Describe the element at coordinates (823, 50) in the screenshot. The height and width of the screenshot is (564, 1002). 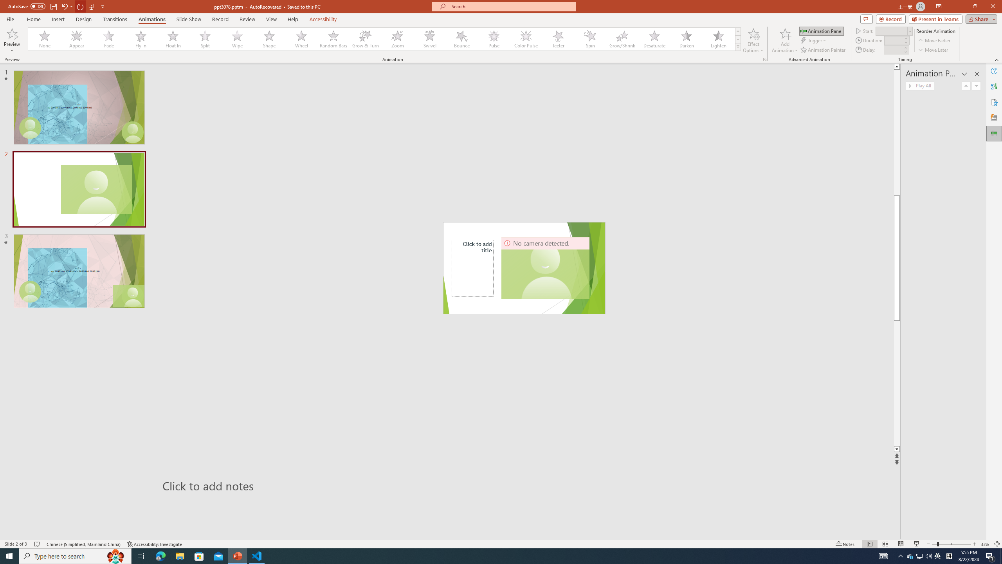
I see `'Animation Painter'` at that location.